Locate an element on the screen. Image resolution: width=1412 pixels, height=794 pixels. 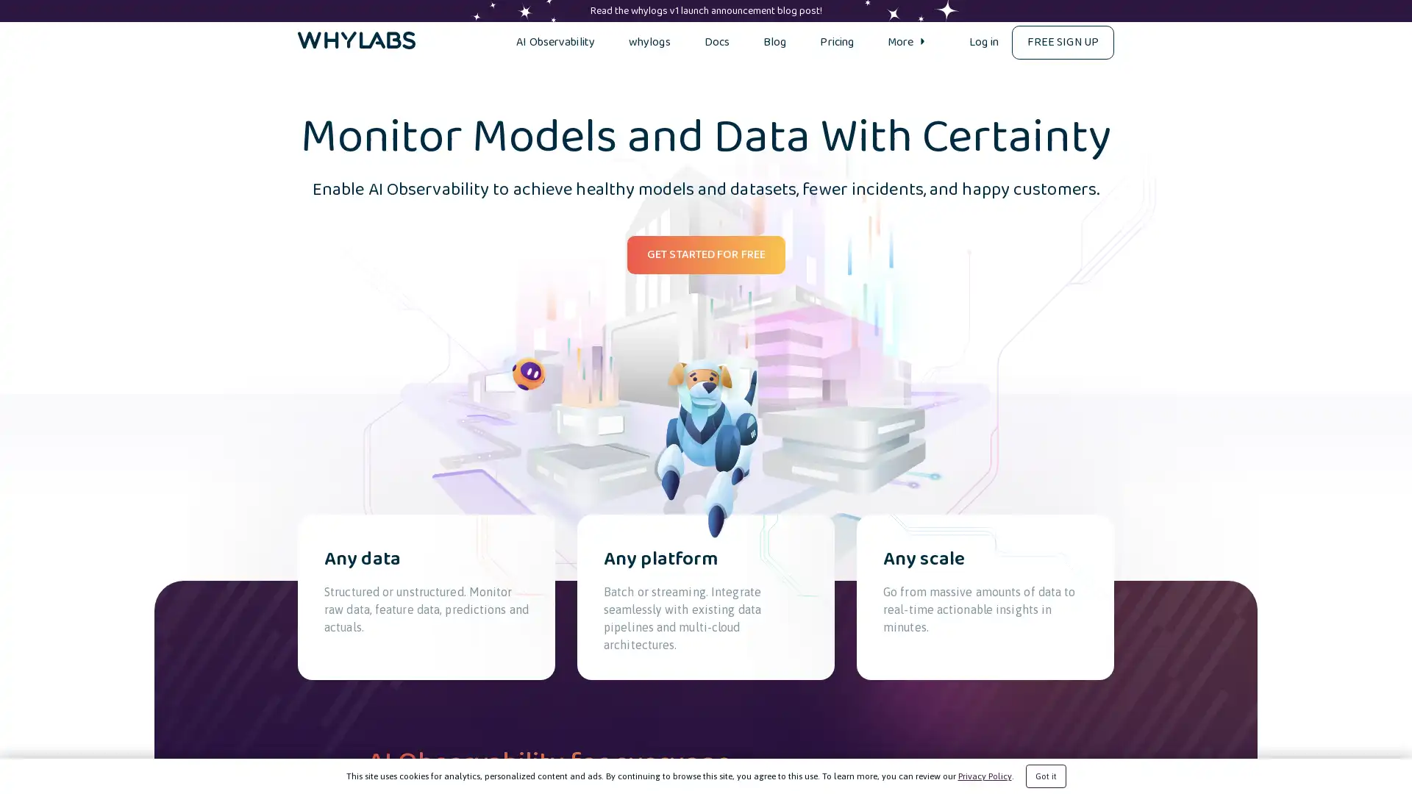
whylogs is located at coordinates (648, 41).